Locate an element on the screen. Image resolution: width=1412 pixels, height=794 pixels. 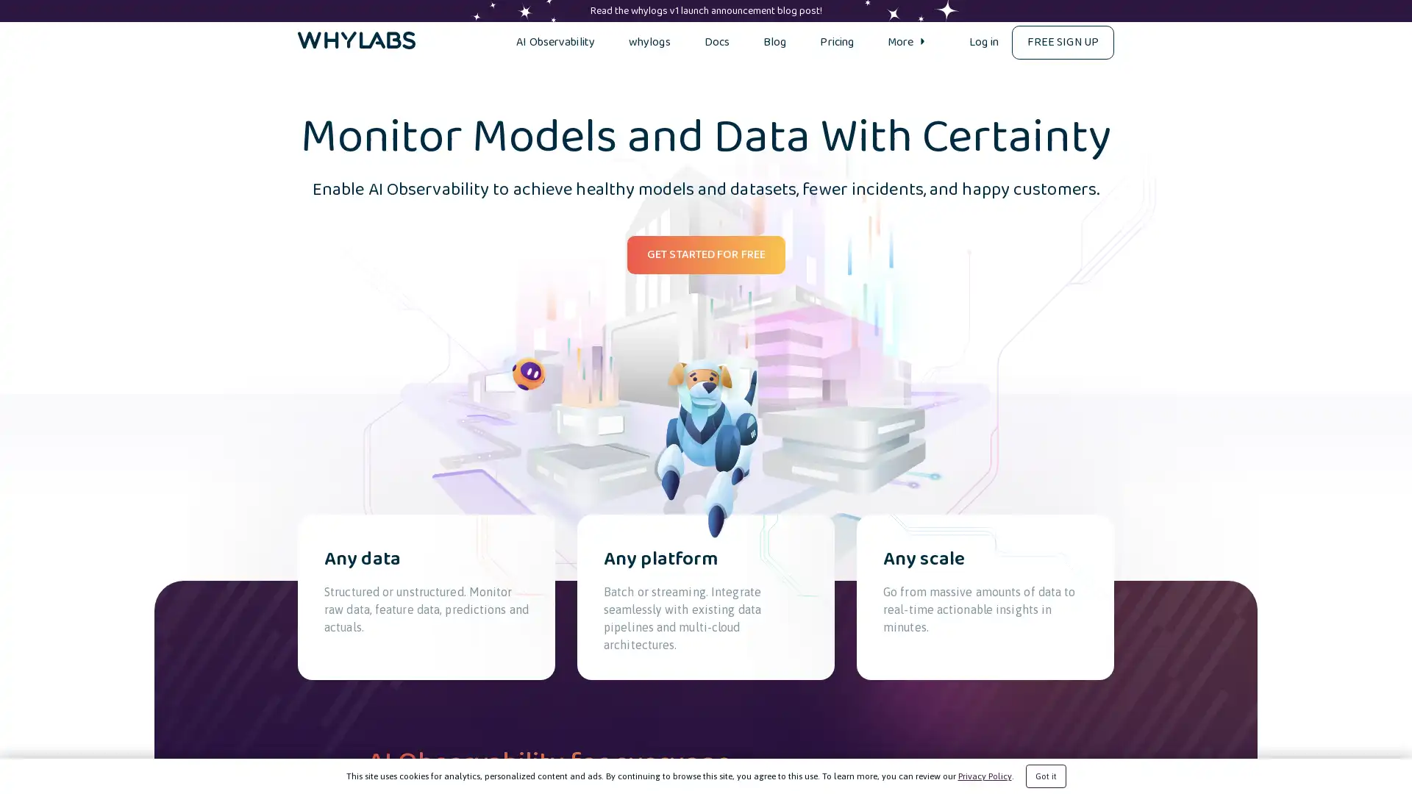
whylogs is located at coordinates (648, 41).